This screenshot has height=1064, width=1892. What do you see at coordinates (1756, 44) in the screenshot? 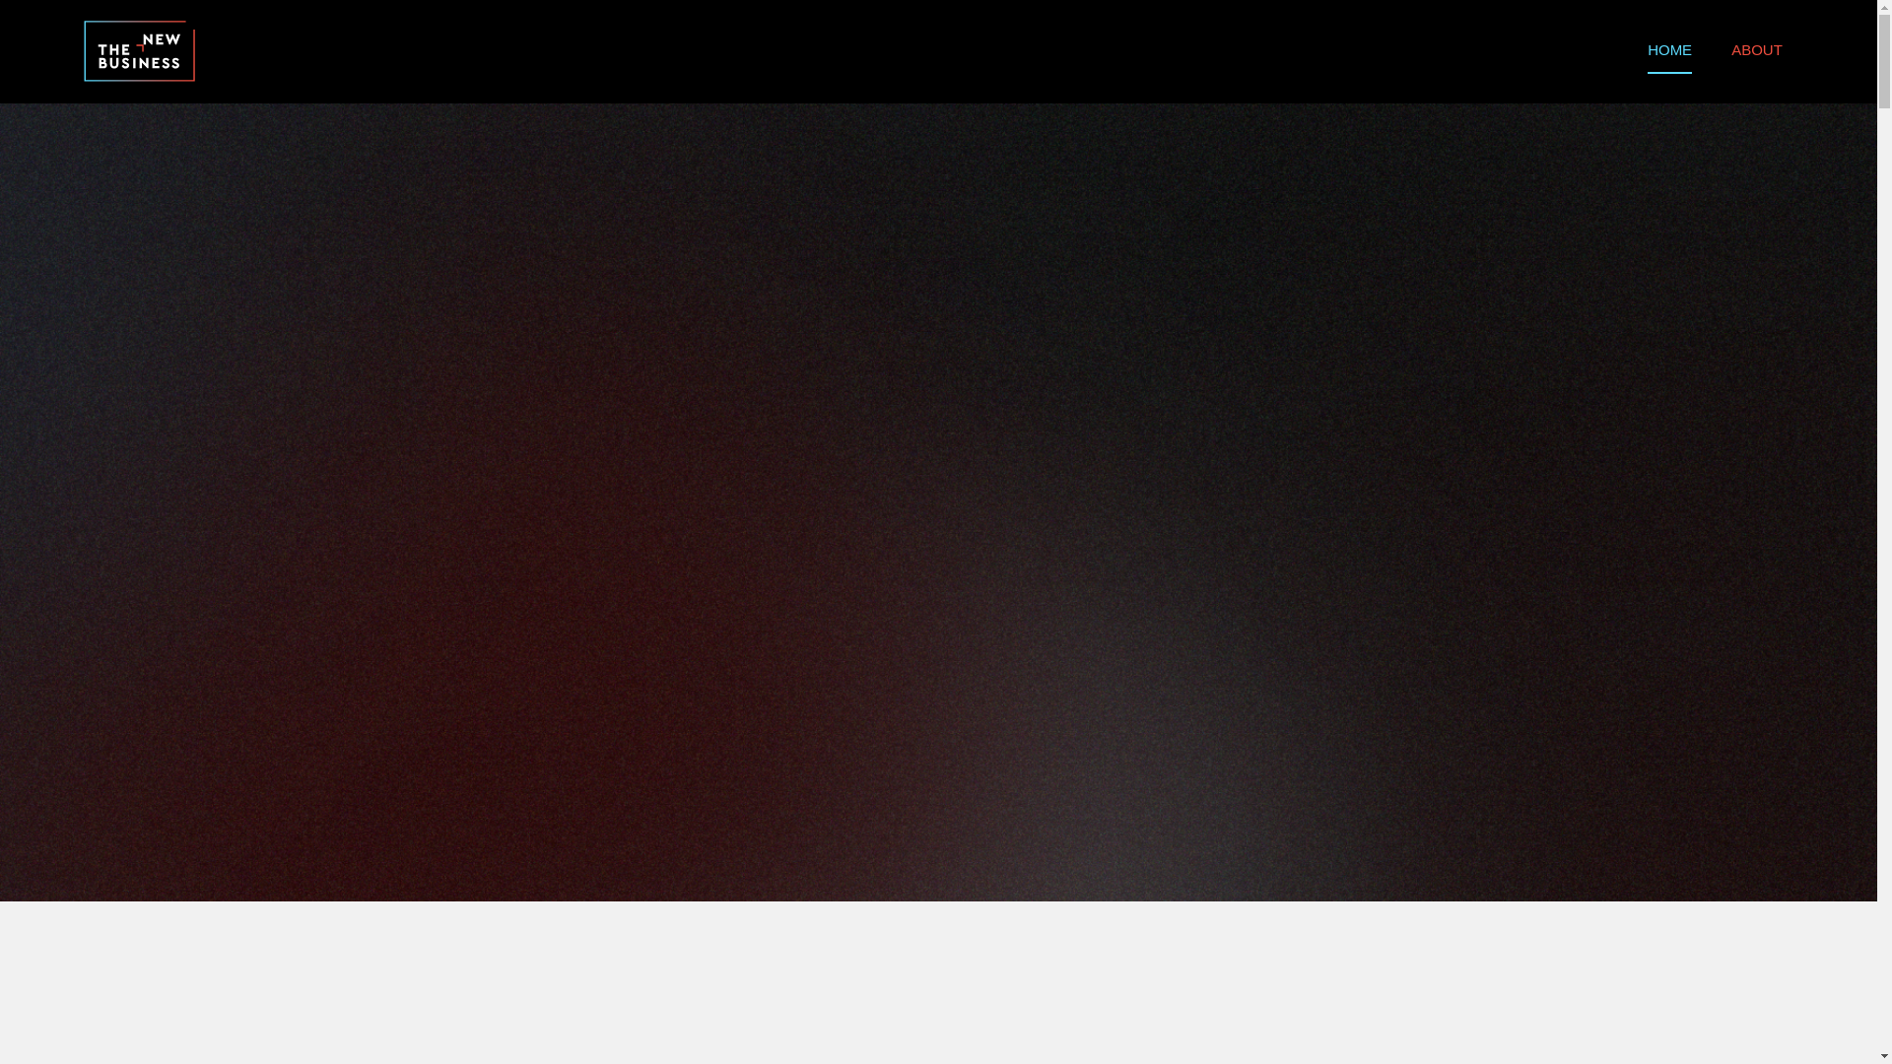
I see `'ABOUT'` at bounding box center [1756, 44].